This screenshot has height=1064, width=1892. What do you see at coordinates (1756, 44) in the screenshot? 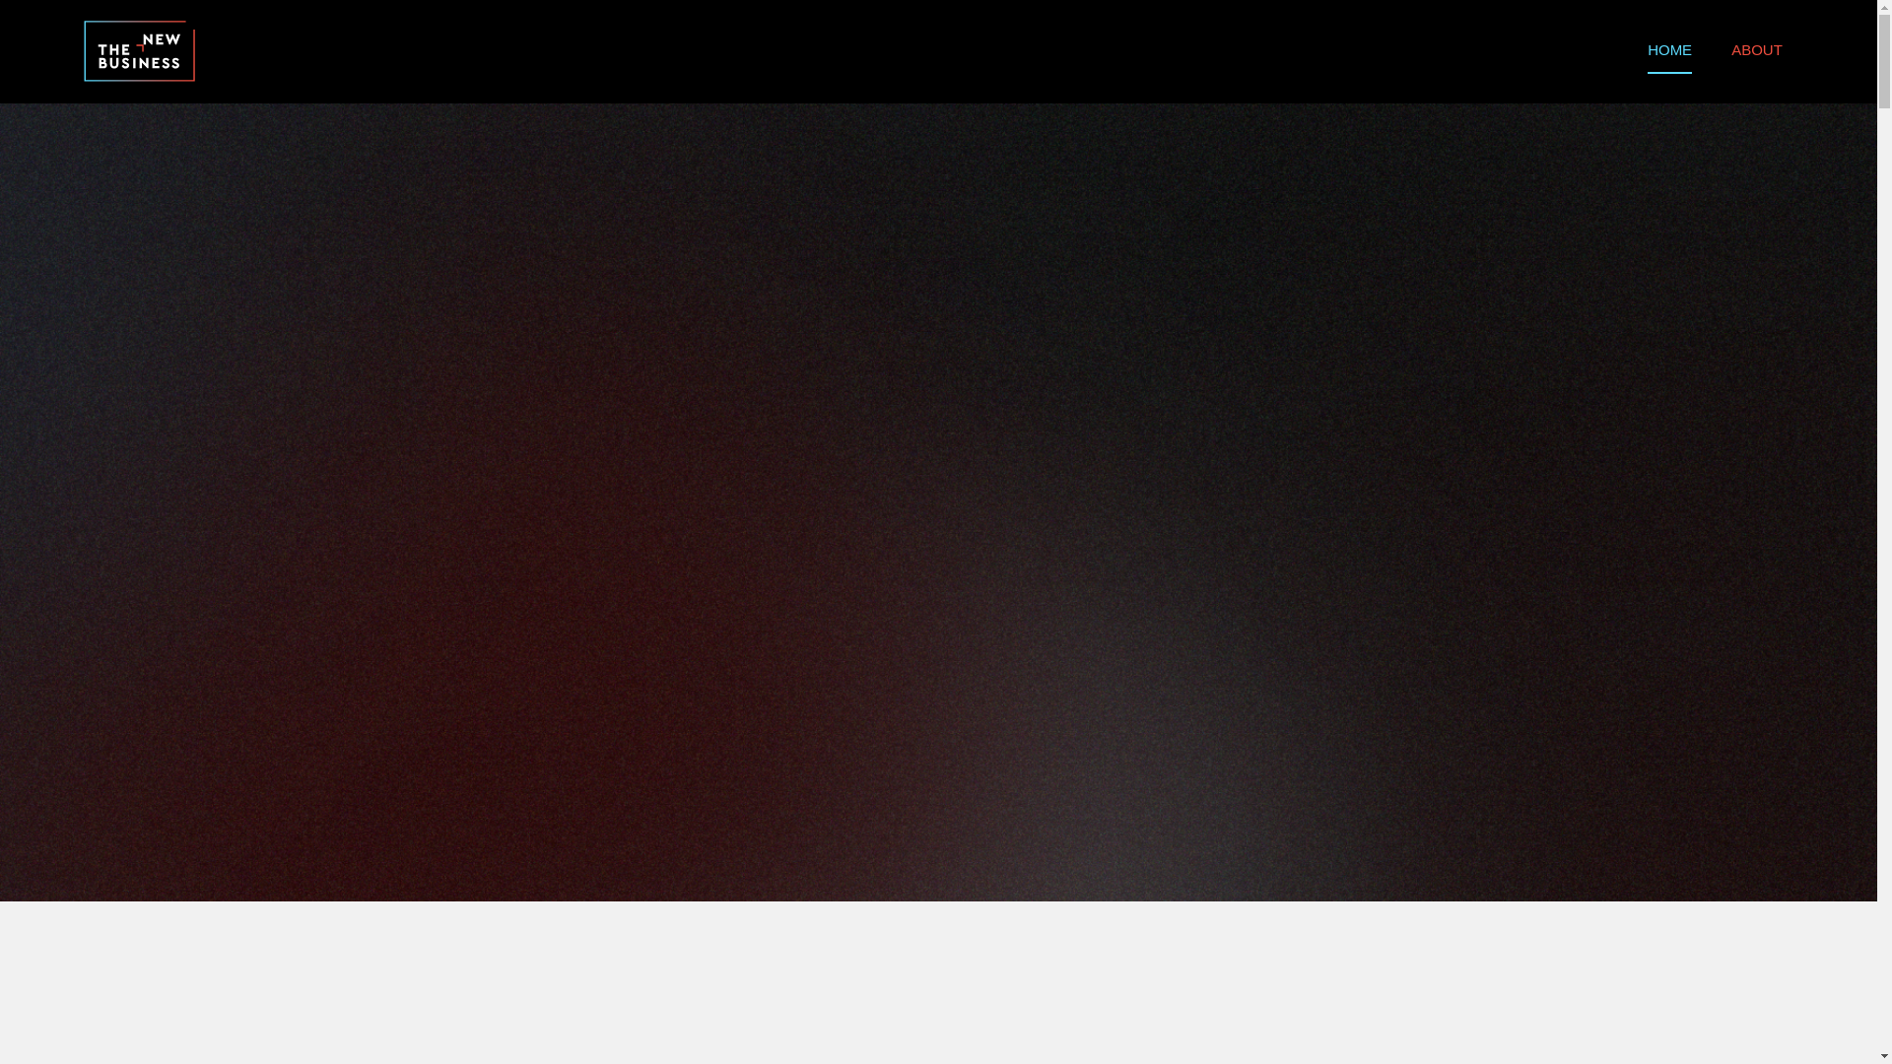
I see `'ABOUT'` at bounding box center [1756, 44].